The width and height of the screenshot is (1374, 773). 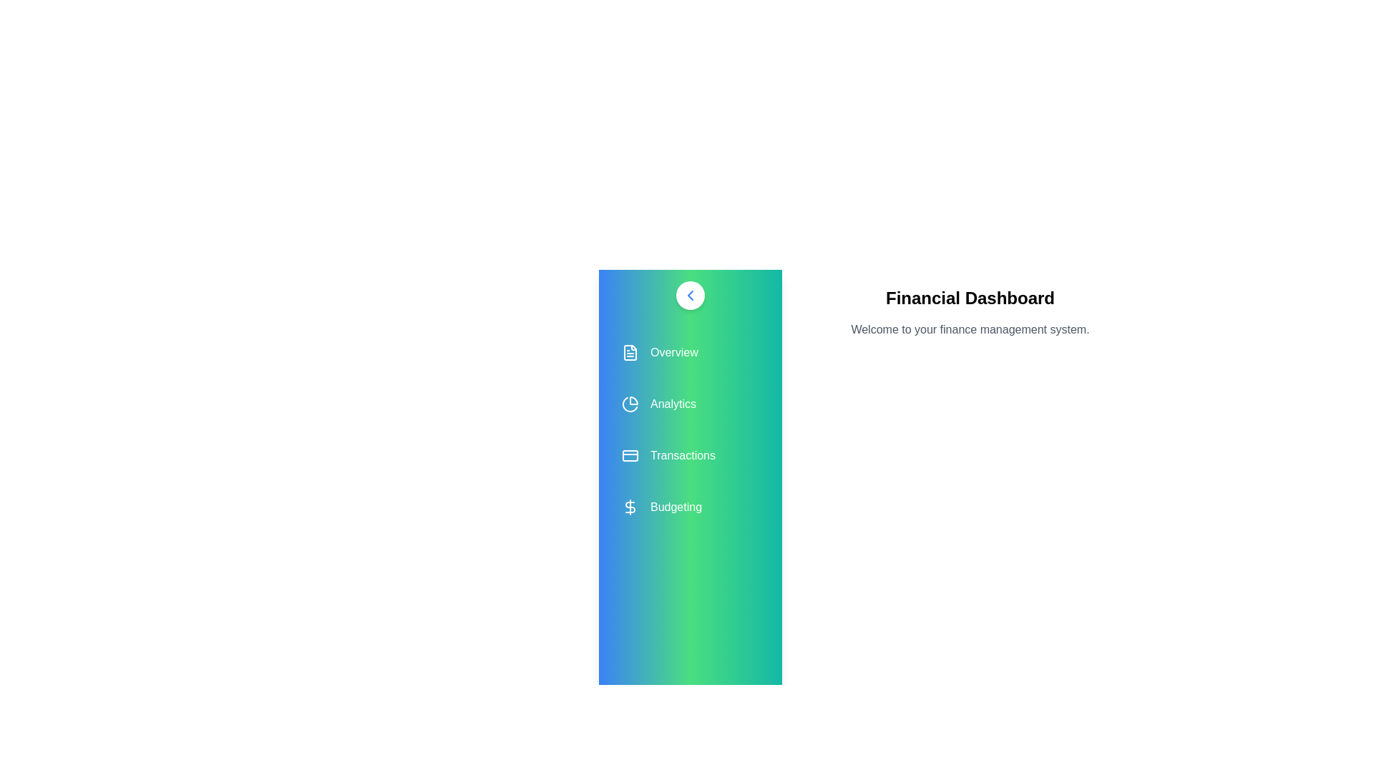 I want to click on the menu option Budgeting from the FinancialDrawer, so click(x=690, y=507).